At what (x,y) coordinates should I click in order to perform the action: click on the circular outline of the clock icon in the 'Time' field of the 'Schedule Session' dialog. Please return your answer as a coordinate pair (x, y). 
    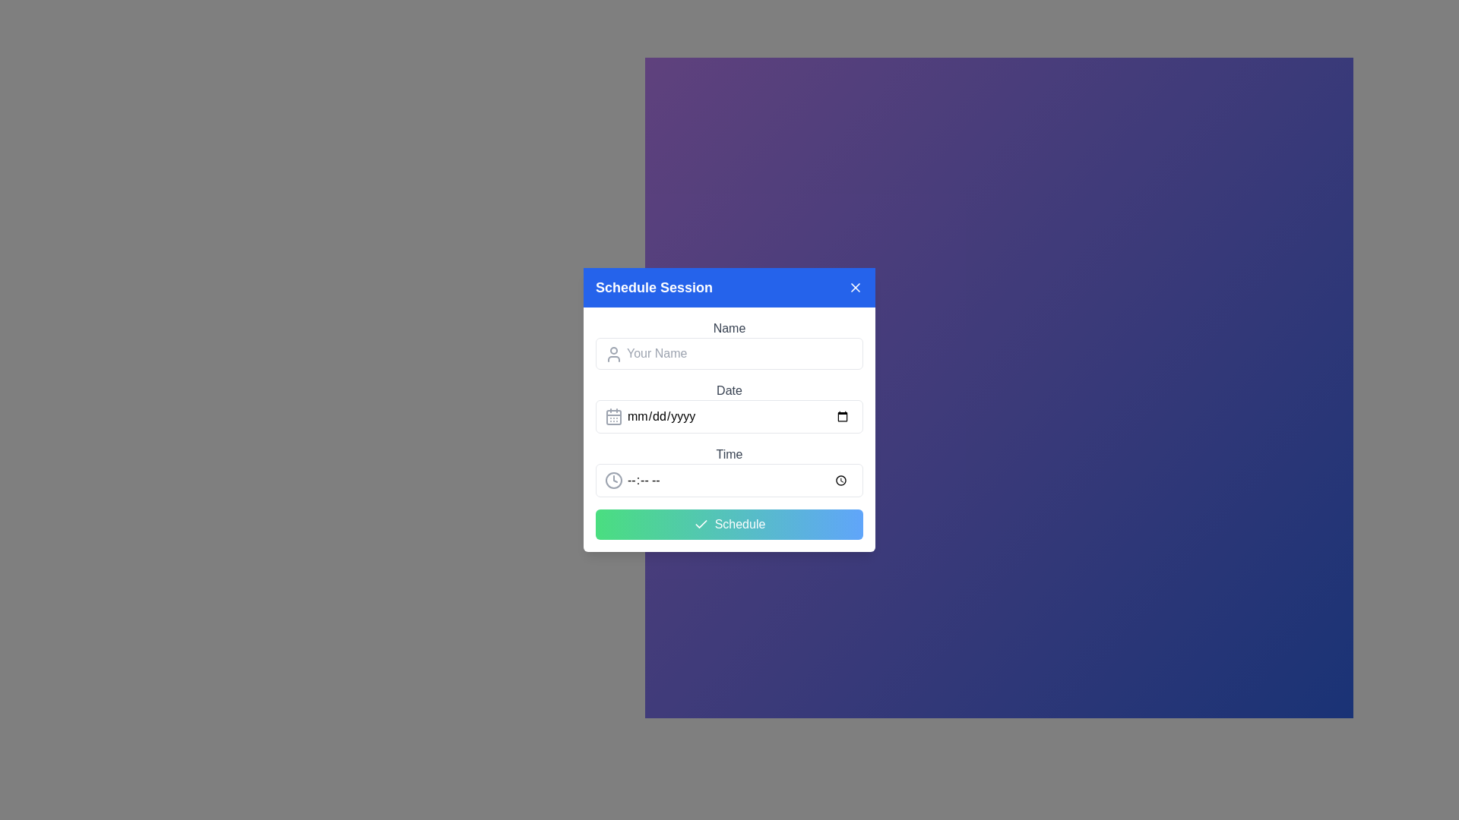
    Looking at the image, I should click on (613, 480).